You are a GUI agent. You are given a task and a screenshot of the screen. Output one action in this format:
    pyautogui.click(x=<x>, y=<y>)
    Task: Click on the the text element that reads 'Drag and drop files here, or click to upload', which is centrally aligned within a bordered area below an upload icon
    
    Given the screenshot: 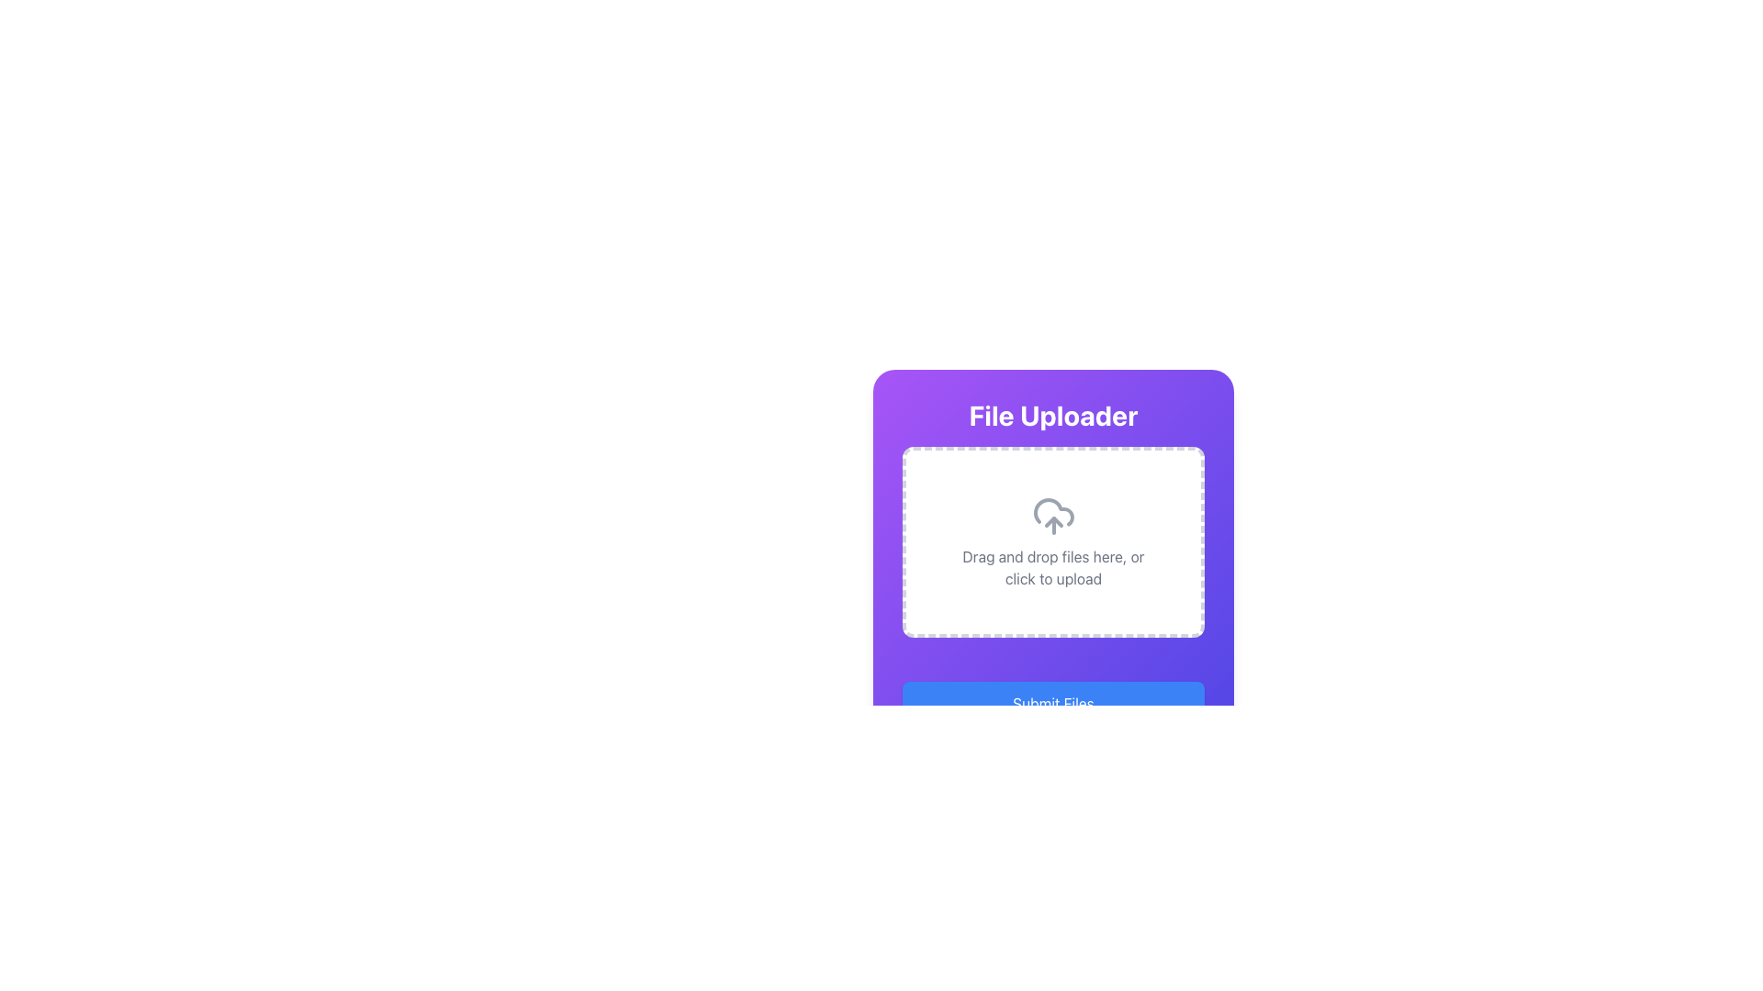 What is the action you would take?
    pyautogui.click(x=1053, y=566)
    